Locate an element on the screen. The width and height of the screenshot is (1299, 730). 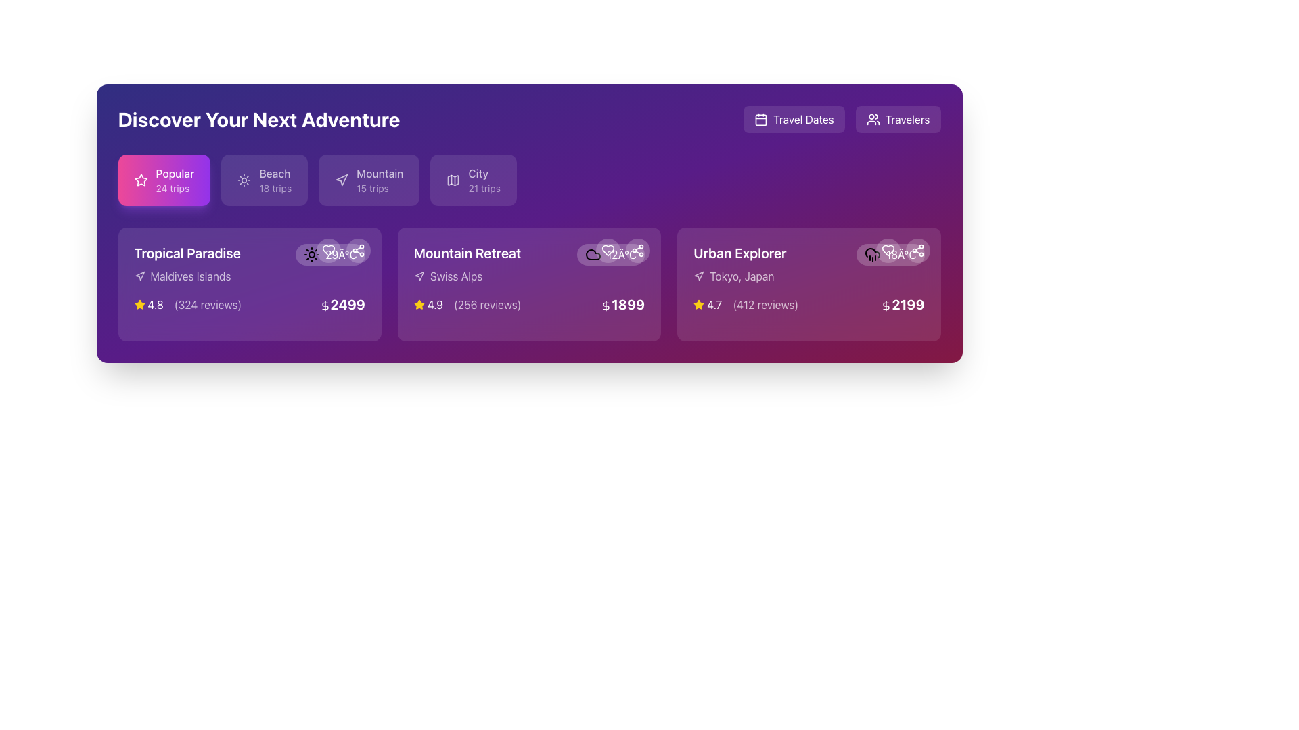
the heart icon in the top-right corner of the 'Tropical Paradise' card to mark the item as favorite is located at coordinates (328, 250).